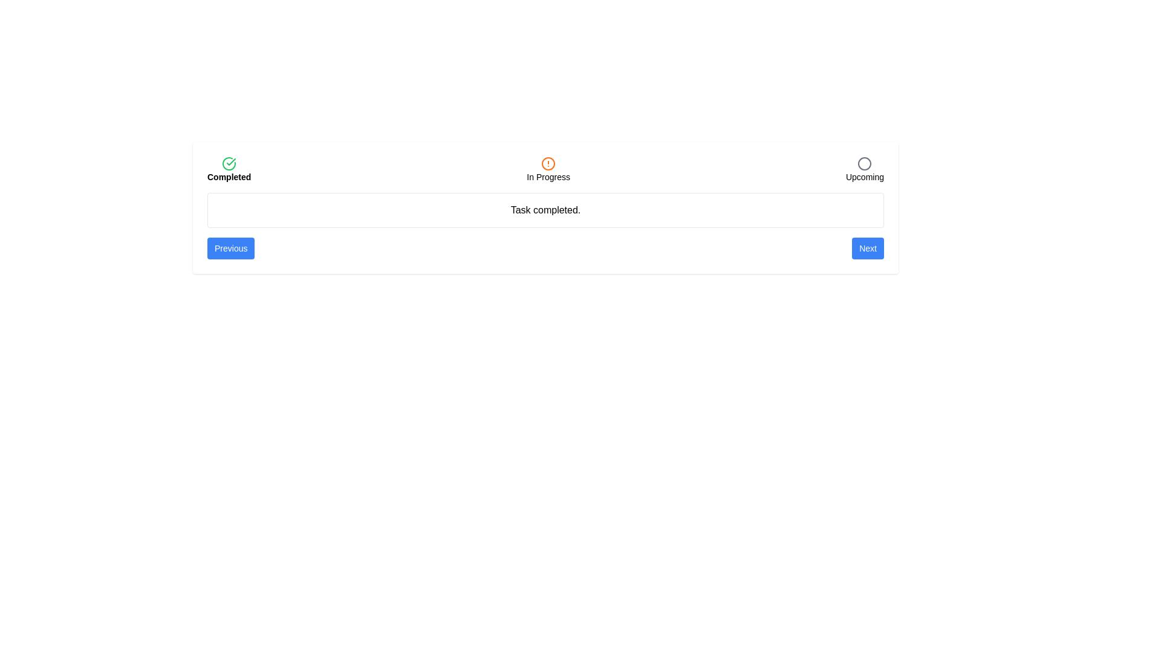  What do you see at coordinates (548, 163) in the screenshot?
I see `the circular status element located in the center of the 'In Progress' indicator area for status indication` at bounding box center [548, 163].